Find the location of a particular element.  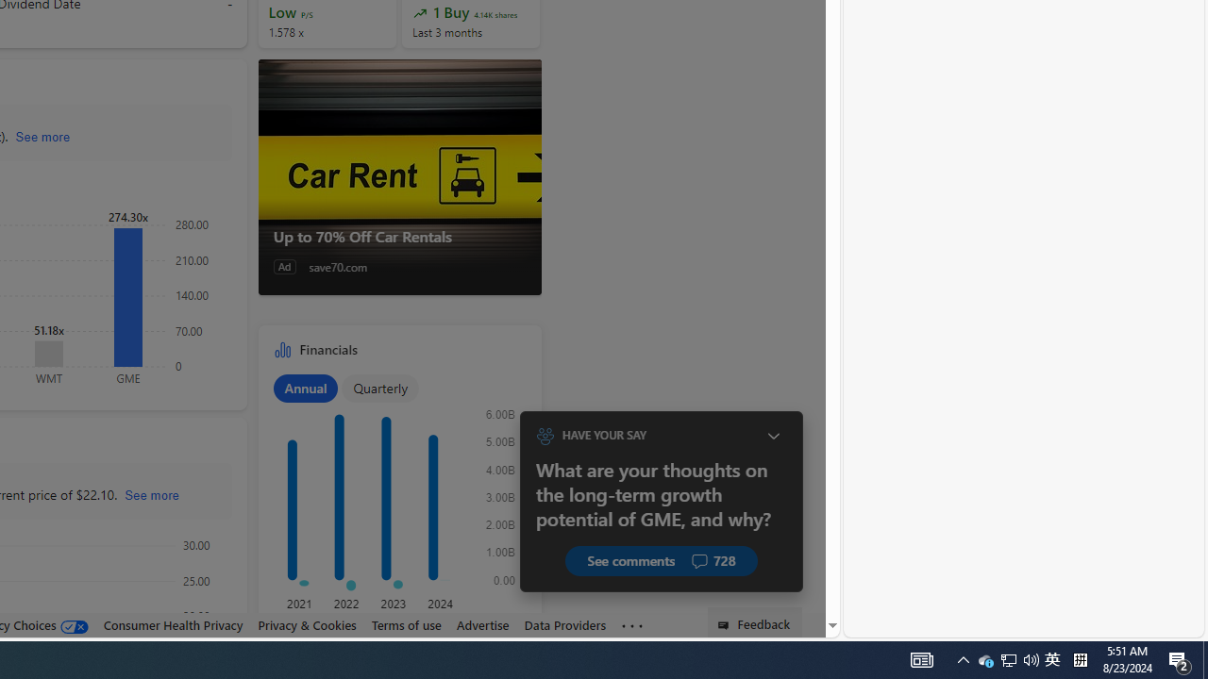

'Data Providers' is located at coordinates (564, 624).